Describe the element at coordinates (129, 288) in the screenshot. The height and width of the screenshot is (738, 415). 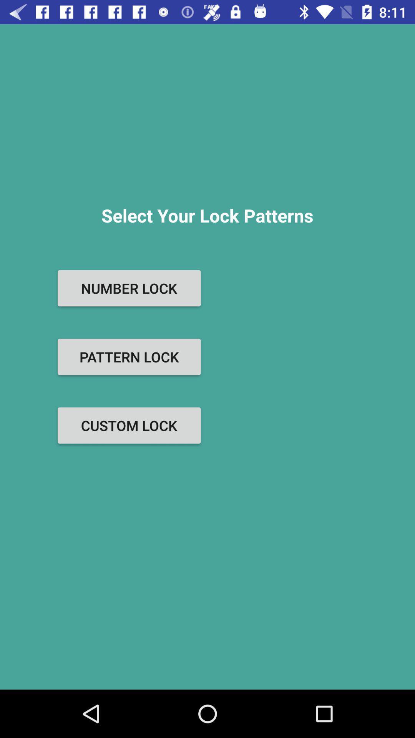
I see `the number lock item` at that location.